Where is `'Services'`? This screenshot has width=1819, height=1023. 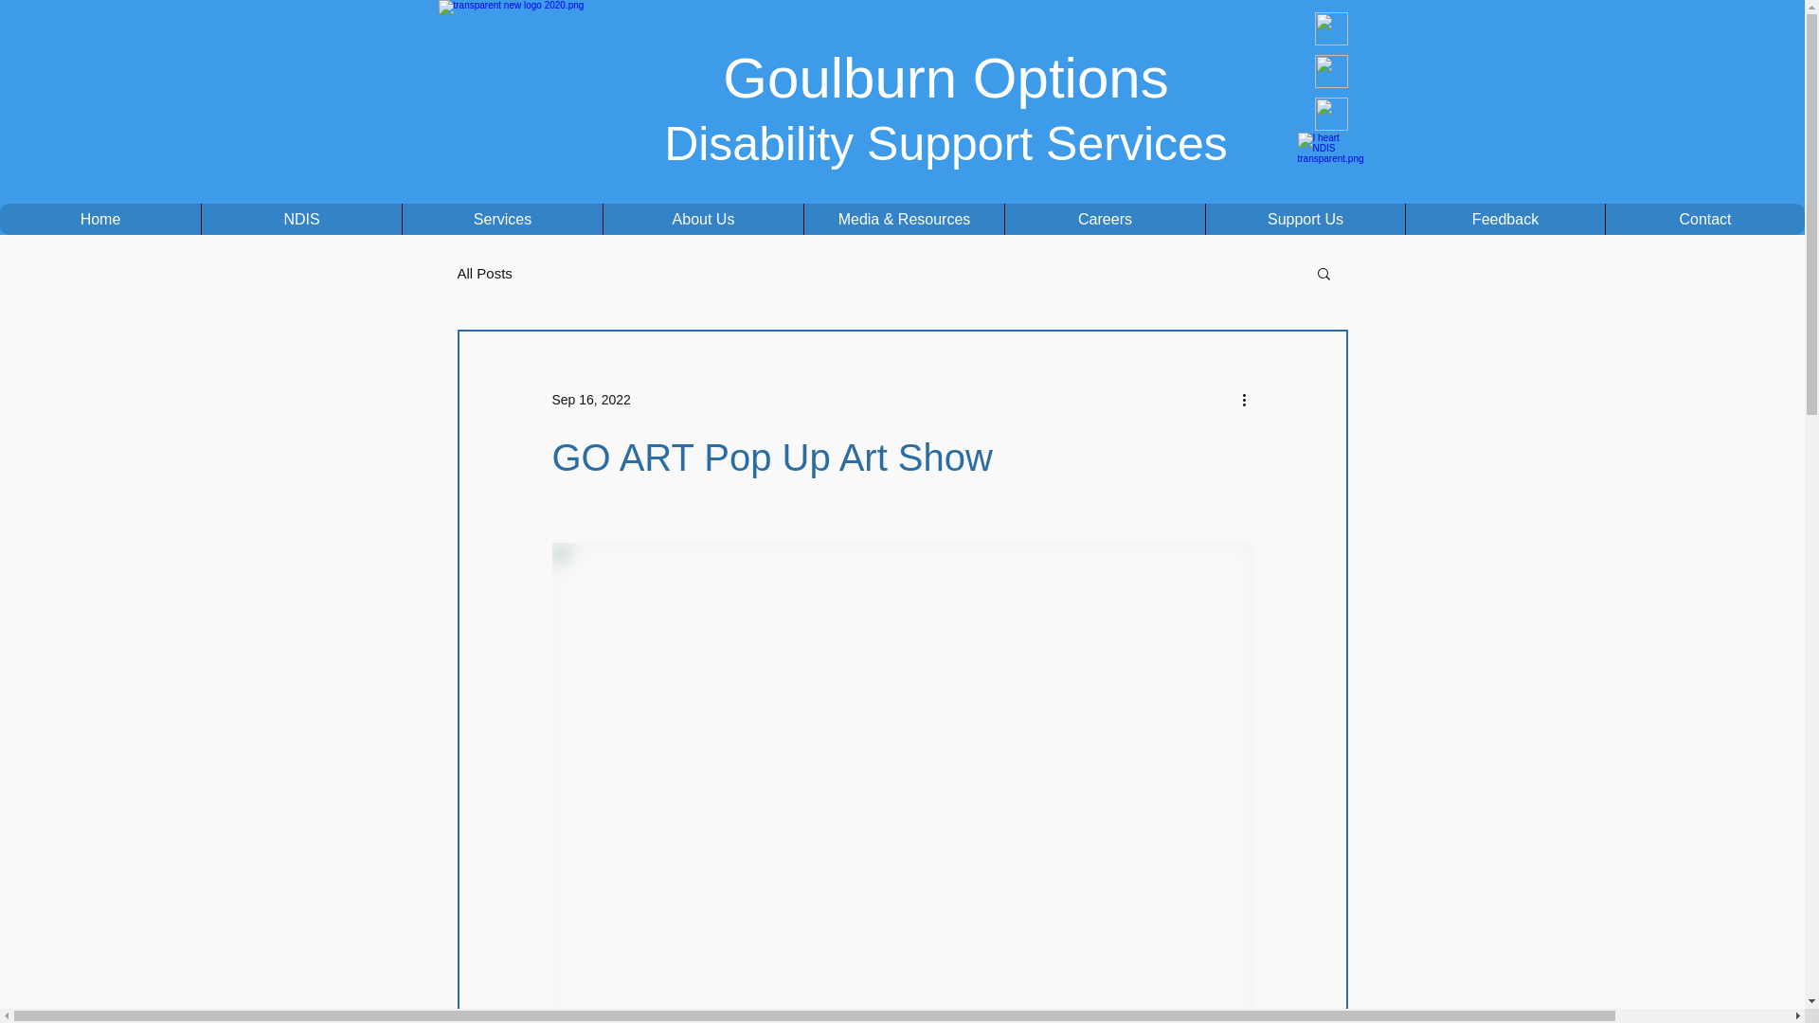
'Services' is located at coordinates (501, 218).